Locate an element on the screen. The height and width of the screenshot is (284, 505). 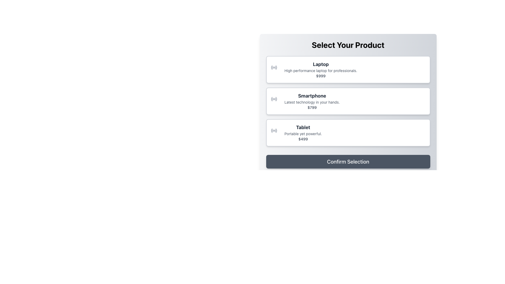
the text description block for the Laptop product is located at coordinates (320, 69).